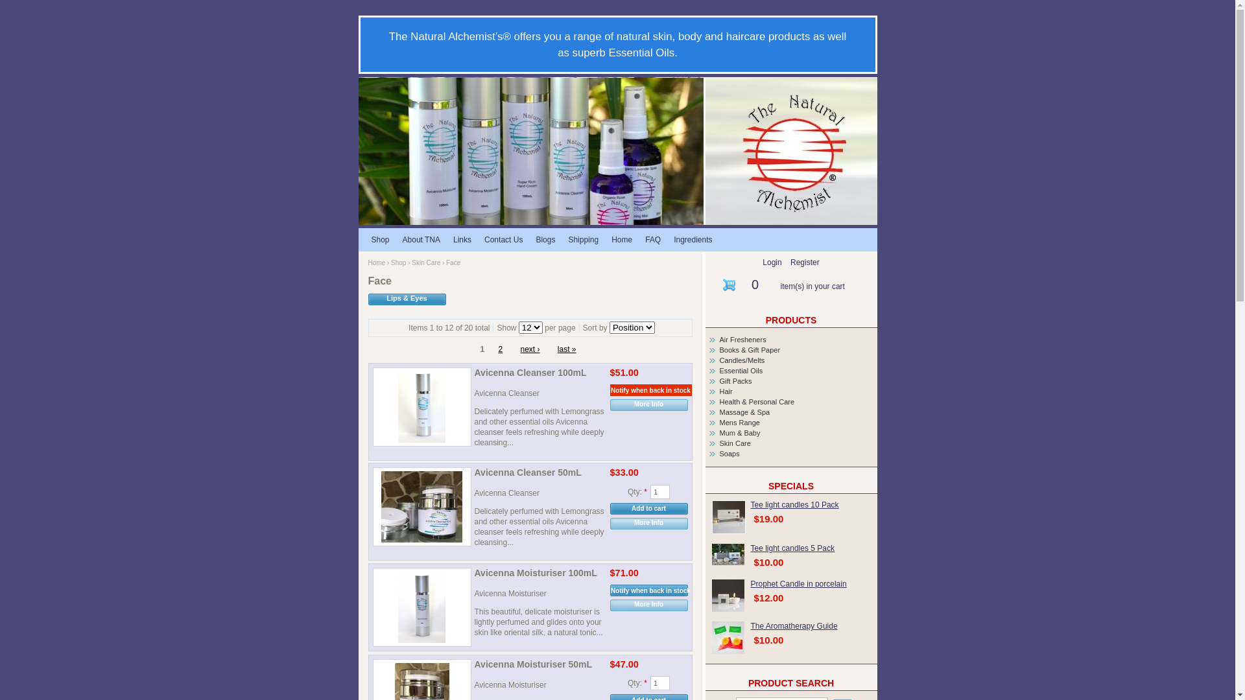 The width and height of the screenshot is (1245, 700). Describe the element at coordinates (539, 666) in the screenshot. I see `'Avicenna Moisturiser 50mL'` at that location.